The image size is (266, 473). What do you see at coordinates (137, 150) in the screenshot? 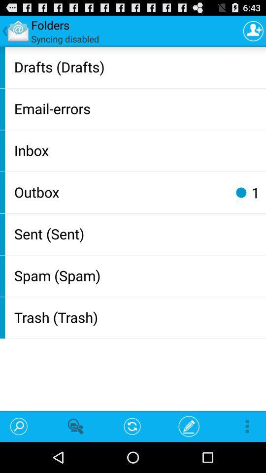
I see `inbox app` at bounding box center [137, 150].